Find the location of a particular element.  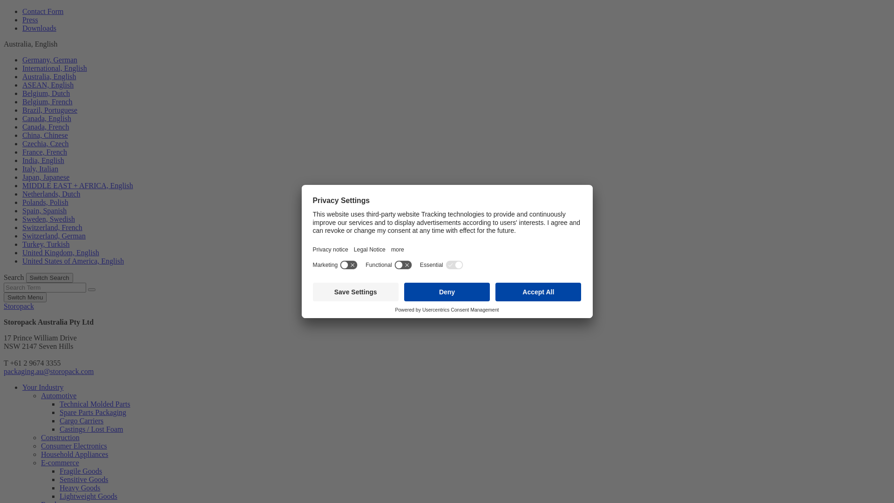

'Canada, English' is located at coordinates (46, 118).